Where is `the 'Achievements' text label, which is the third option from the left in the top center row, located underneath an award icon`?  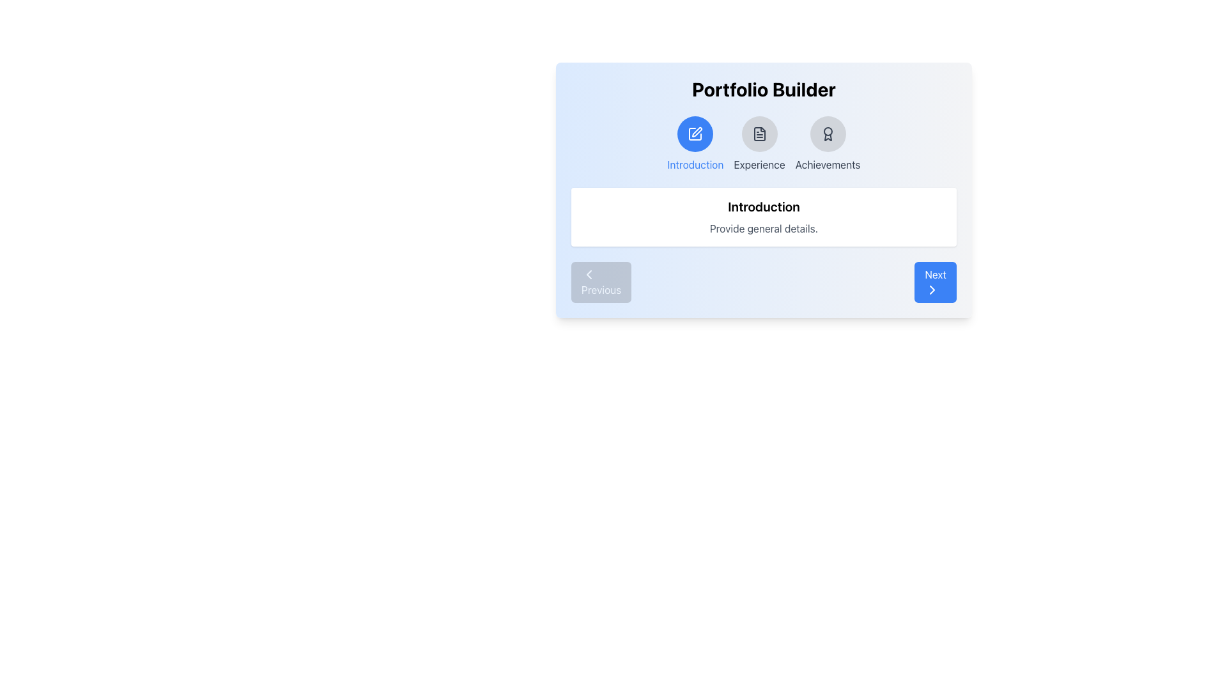 the 'Achievements' text label, which is the third option from the left in the top center row, located underneath an award icon is located at coordinates (828, 164).